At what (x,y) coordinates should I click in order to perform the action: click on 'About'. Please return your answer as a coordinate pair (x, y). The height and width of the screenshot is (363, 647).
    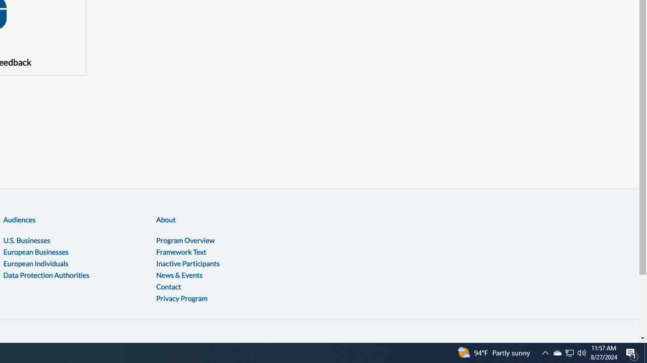
    Looking at the image, I should click on (166, 219).